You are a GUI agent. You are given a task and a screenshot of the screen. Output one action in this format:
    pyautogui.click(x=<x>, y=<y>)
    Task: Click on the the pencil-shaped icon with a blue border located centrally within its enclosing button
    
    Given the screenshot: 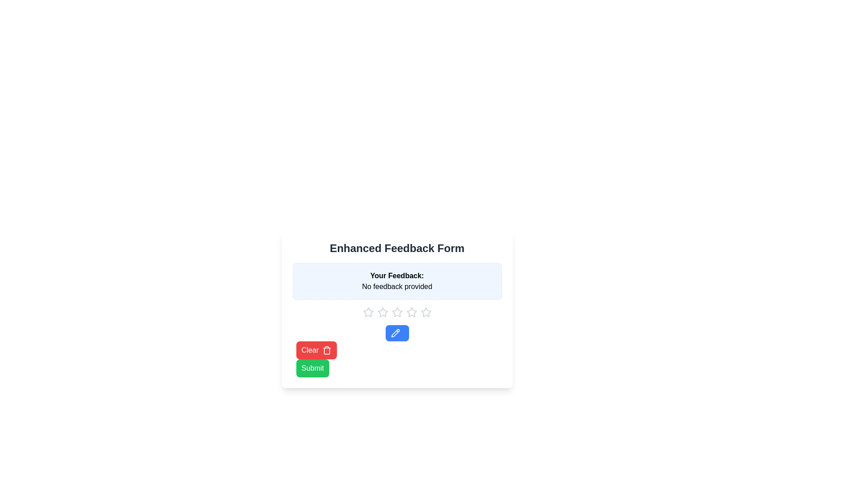 What is the action you would take?
    pyautogui.click(x=395, y=333)
    